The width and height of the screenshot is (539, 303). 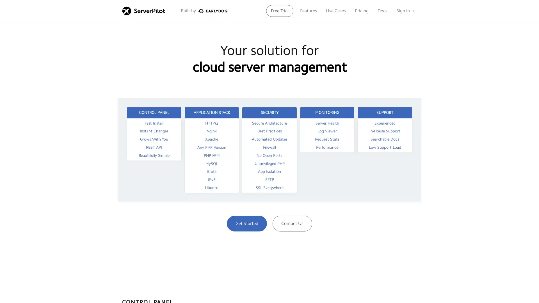 I want to click on Pricing, so click(x=362, y=11).